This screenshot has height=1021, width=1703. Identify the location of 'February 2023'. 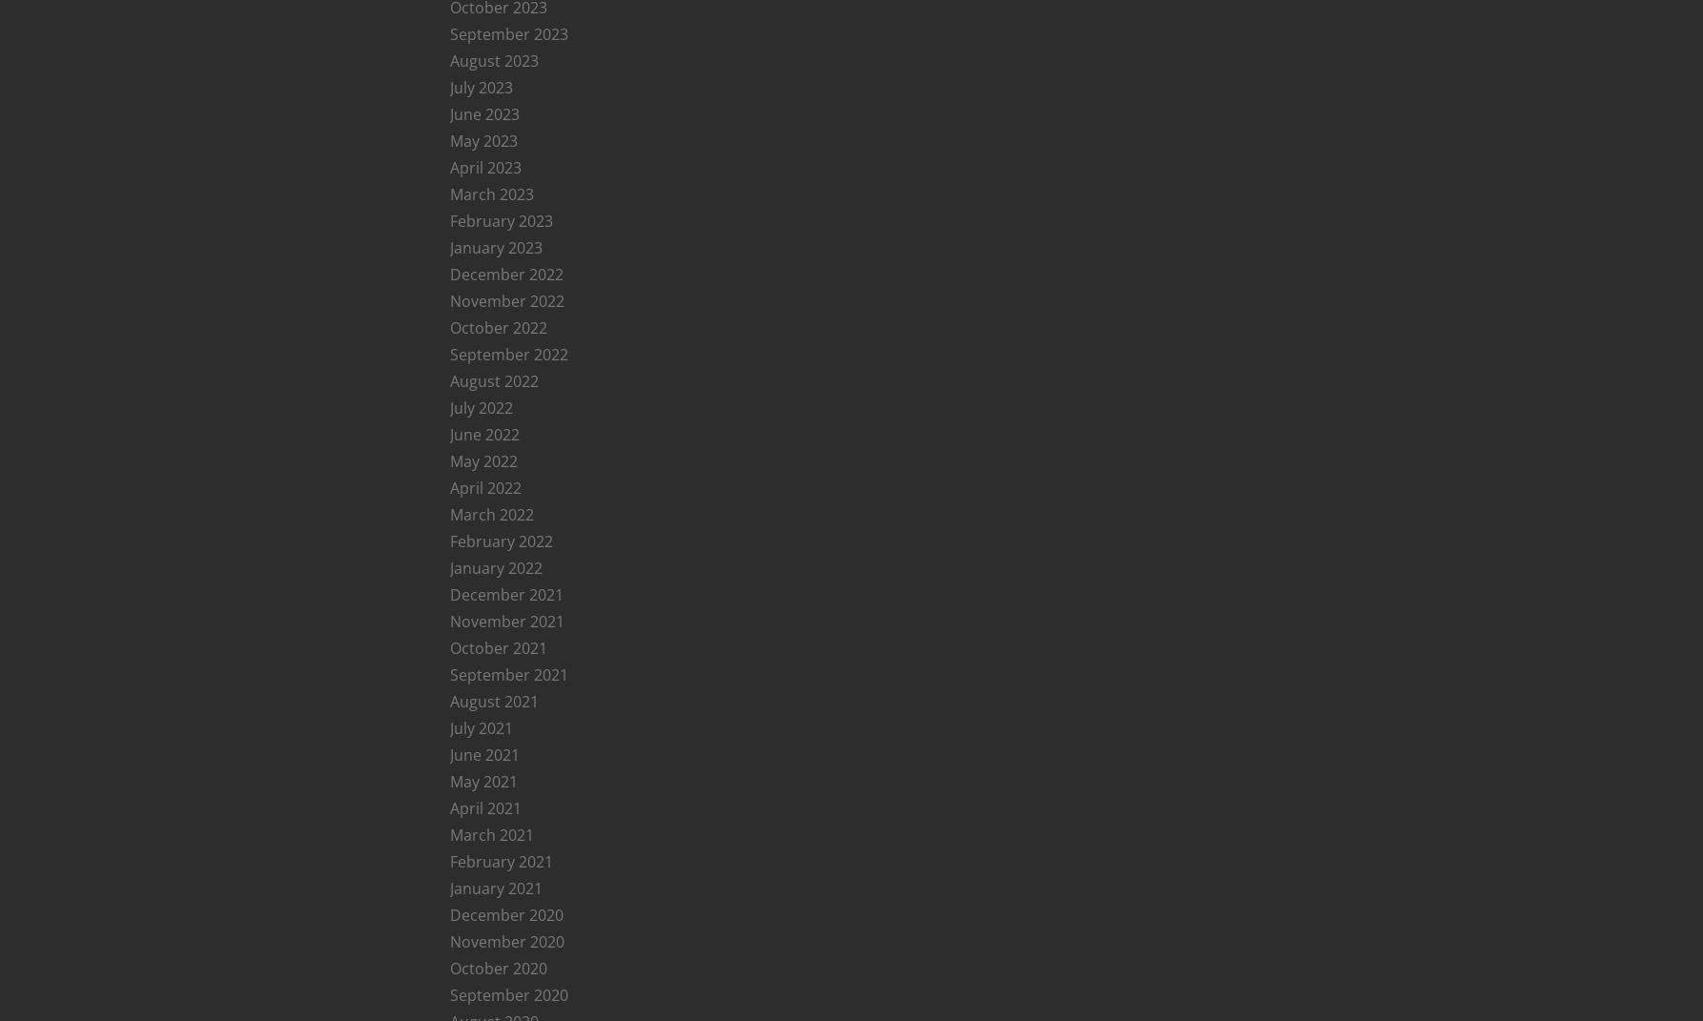
(500, 220).